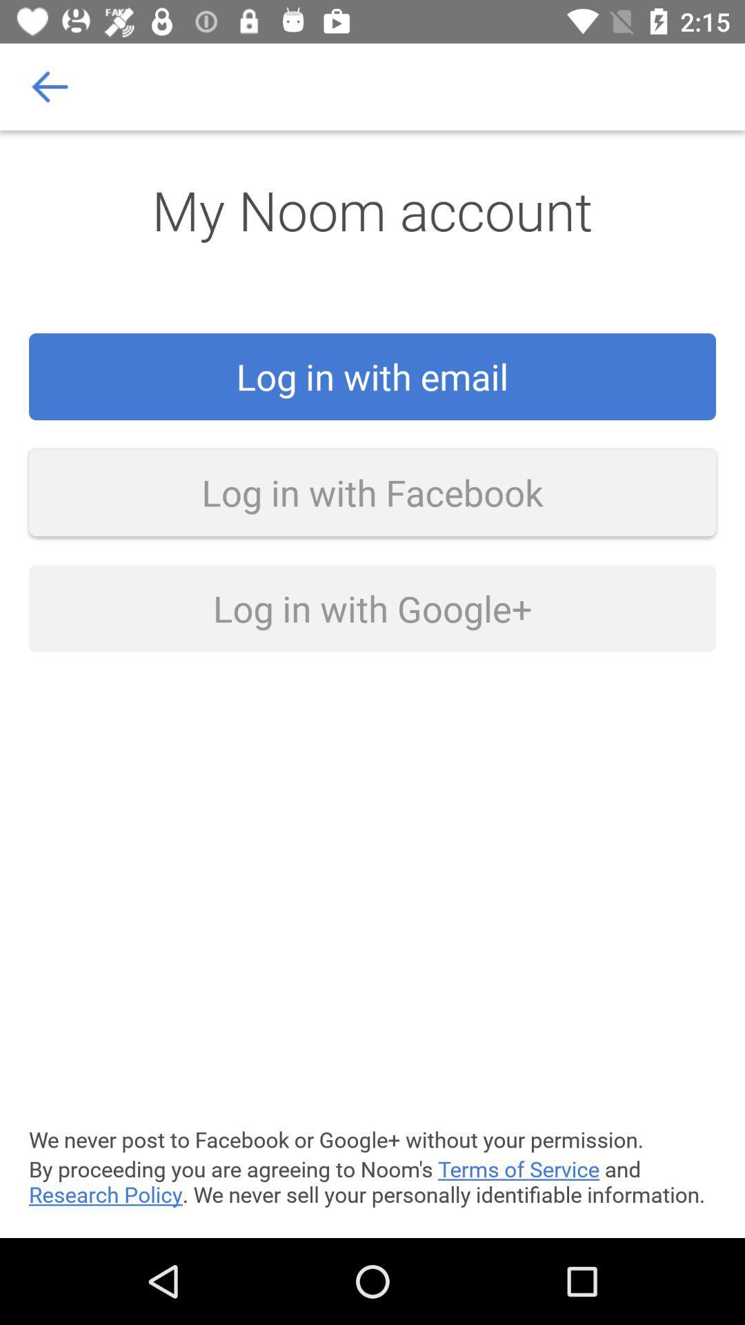 This screenshot has width=745, height=1325. Describe the element at coordinates (50, 86) in the screenshot. I see `item at the top left corner` at that location.